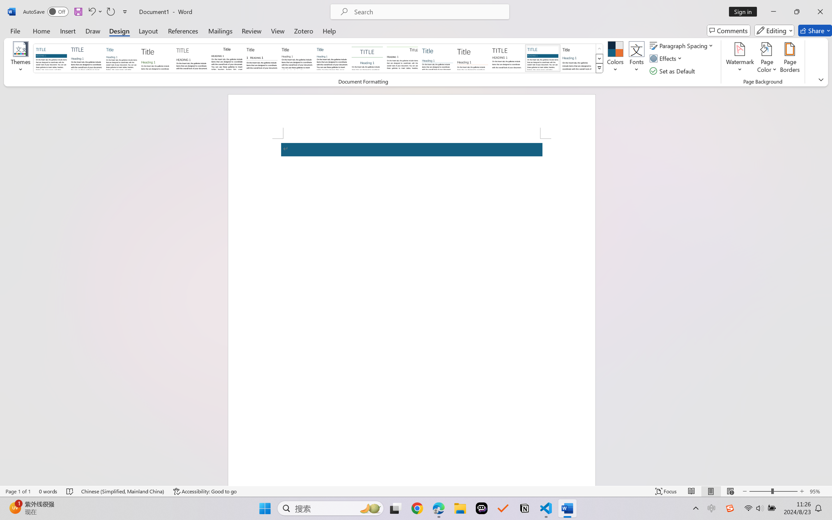  Describe the element at coordinates (636, 58) in the screenshot. I see `'Fonts'` at that location.